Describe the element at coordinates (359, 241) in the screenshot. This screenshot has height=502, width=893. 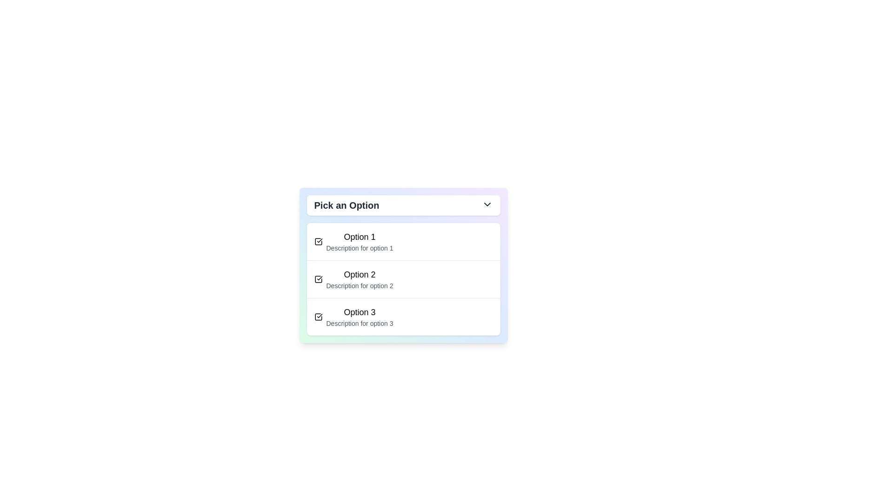
I see `the option 1 from the dropdown menu` at that location.